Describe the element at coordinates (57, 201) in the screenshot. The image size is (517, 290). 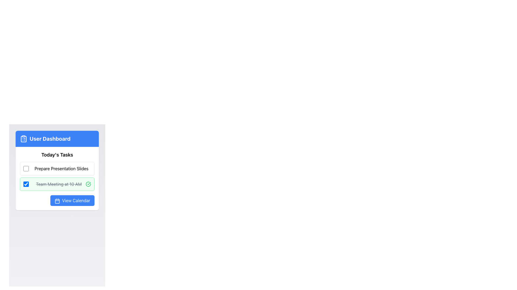
I see `the button that navigates to the calendar view located at the bottom of the task panel` at that location.